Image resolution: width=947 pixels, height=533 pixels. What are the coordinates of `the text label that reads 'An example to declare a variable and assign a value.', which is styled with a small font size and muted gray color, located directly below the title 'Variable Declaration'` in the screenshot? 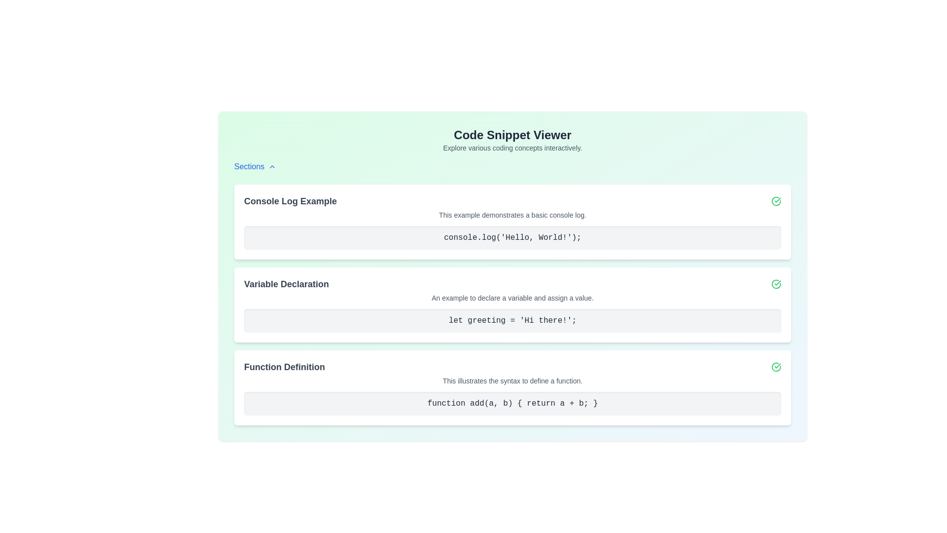 It's located at (512, 298).